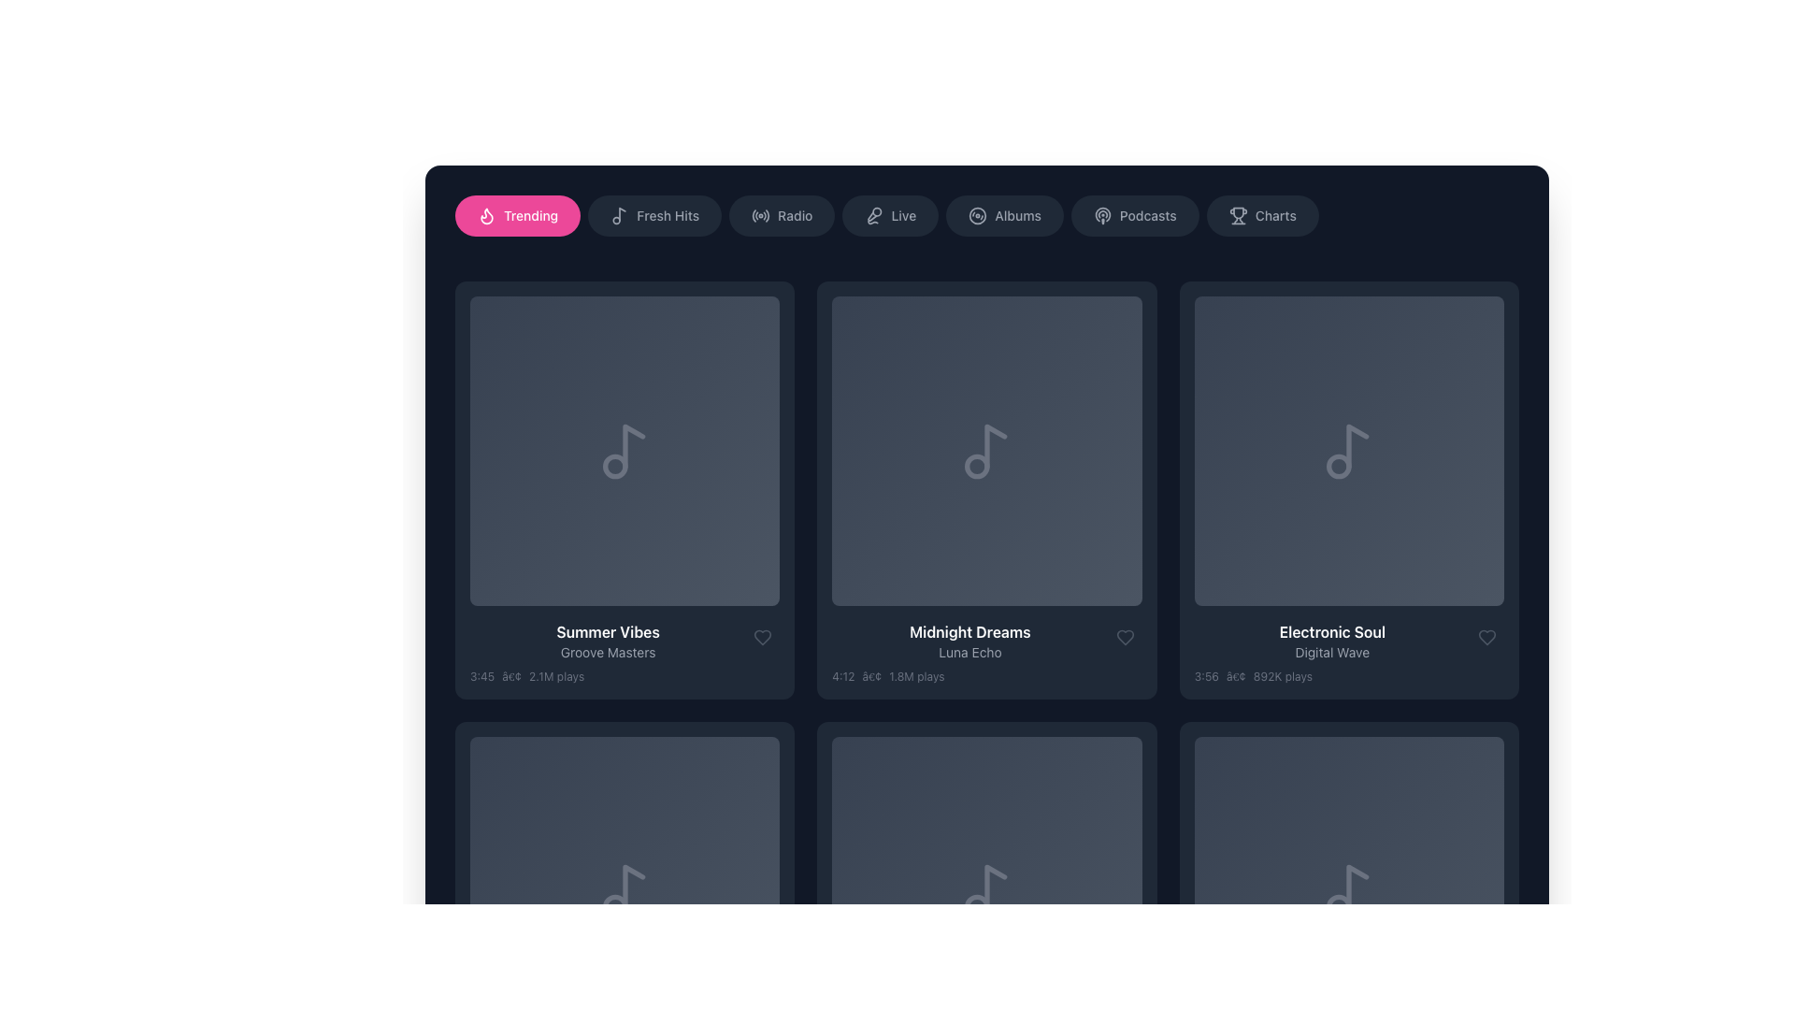 This screenshot has height=1010, width=1795. I want to click on the fourth button from the left, styled as a rounded pill with a dark background and lighter gray text, labeled 'Live' with a microphone icon, so click(889, 215).